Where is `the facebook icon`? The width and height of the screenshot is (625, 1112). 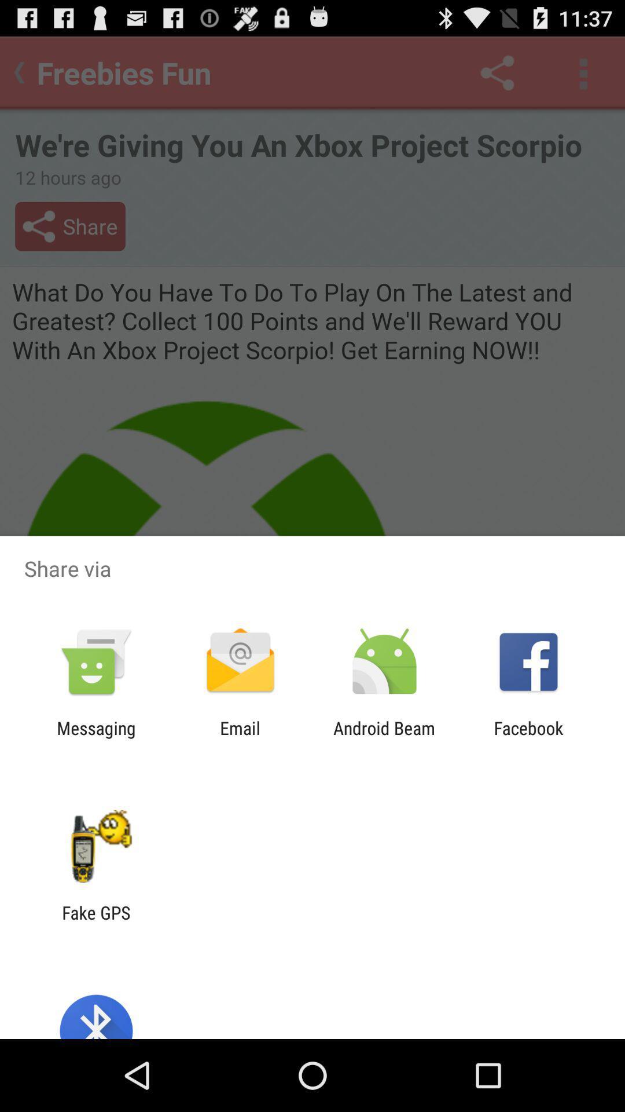 the facebook icon is located at coordinates (528, 738).